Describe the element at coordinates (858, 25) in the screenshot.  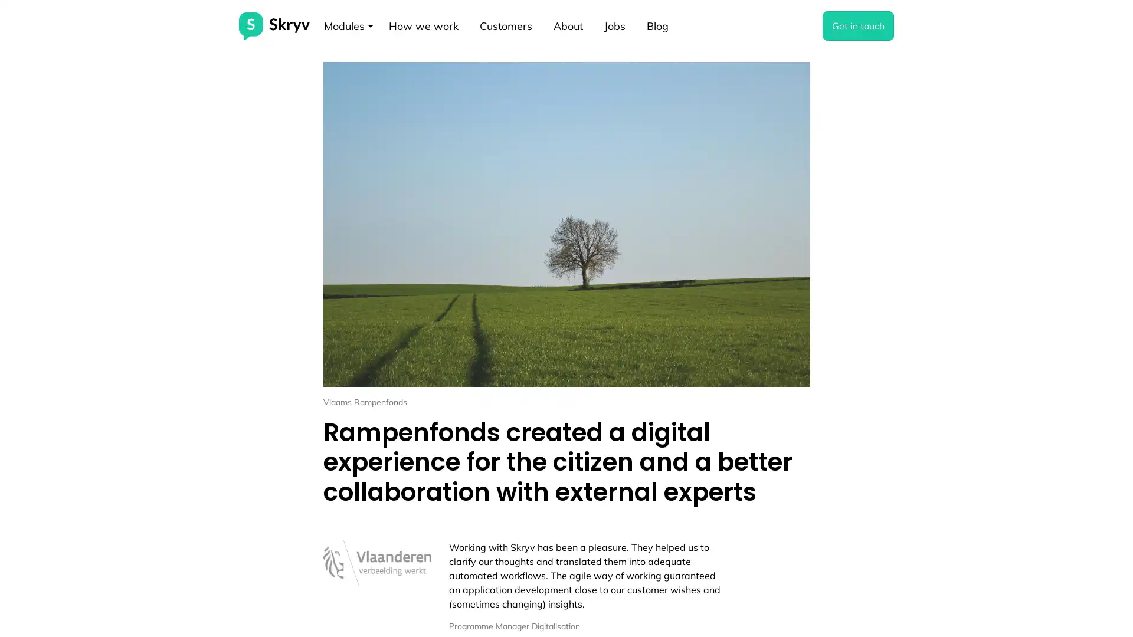
I see `Get in touch` at that location.